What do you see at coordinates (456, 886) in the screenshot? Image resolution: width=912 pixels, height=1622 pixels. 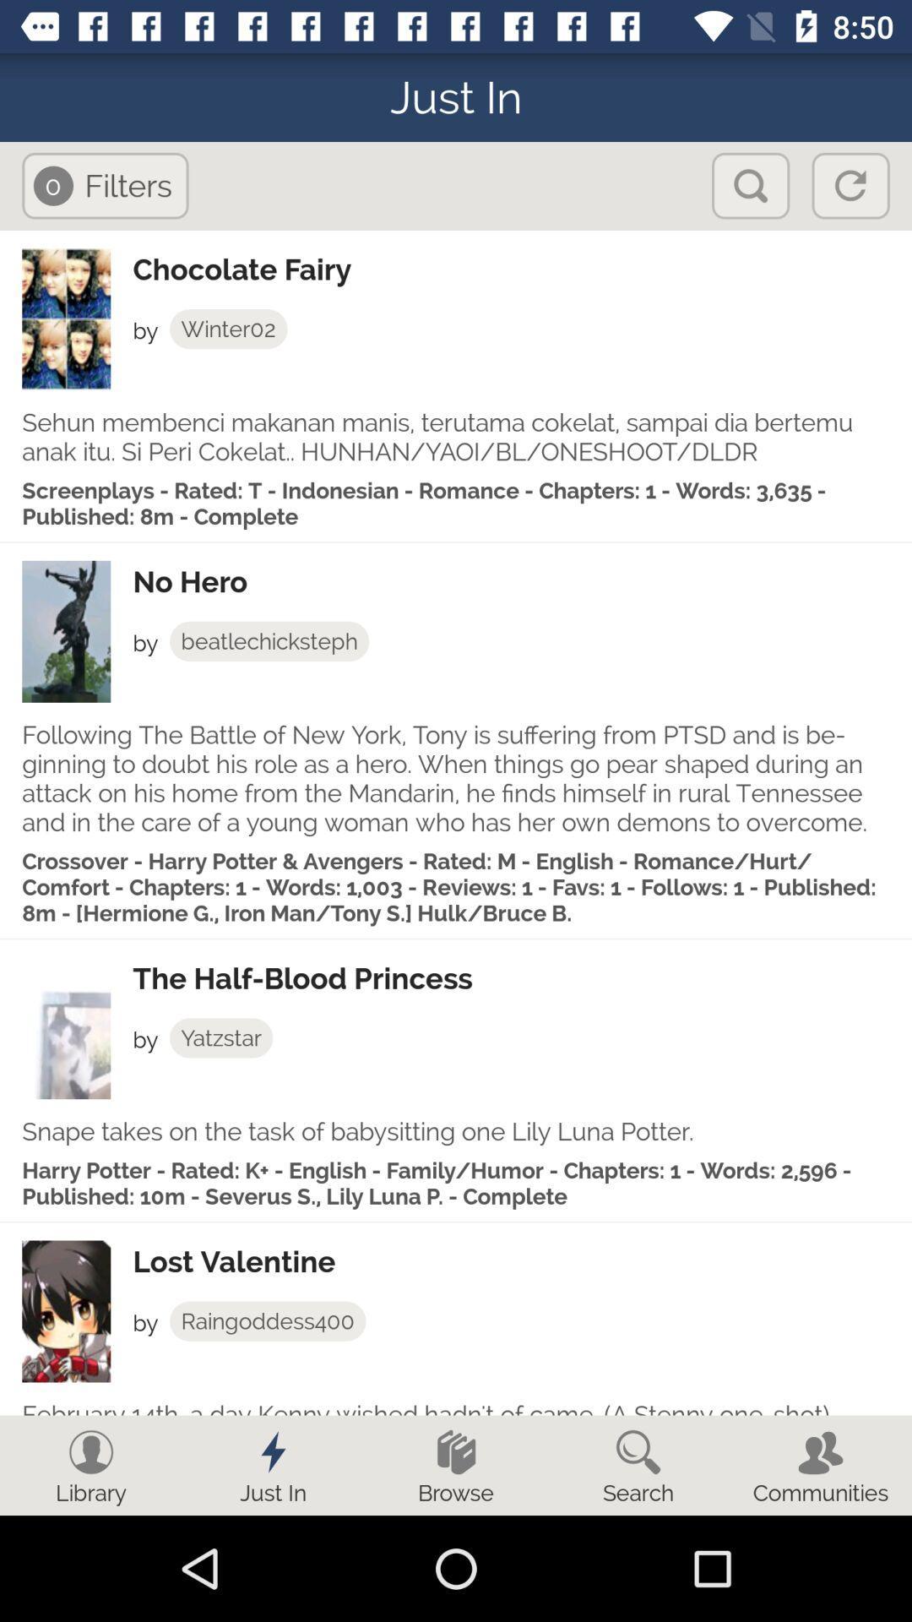 I see `the crossover harry potter item` at bounding box center [456, 886].